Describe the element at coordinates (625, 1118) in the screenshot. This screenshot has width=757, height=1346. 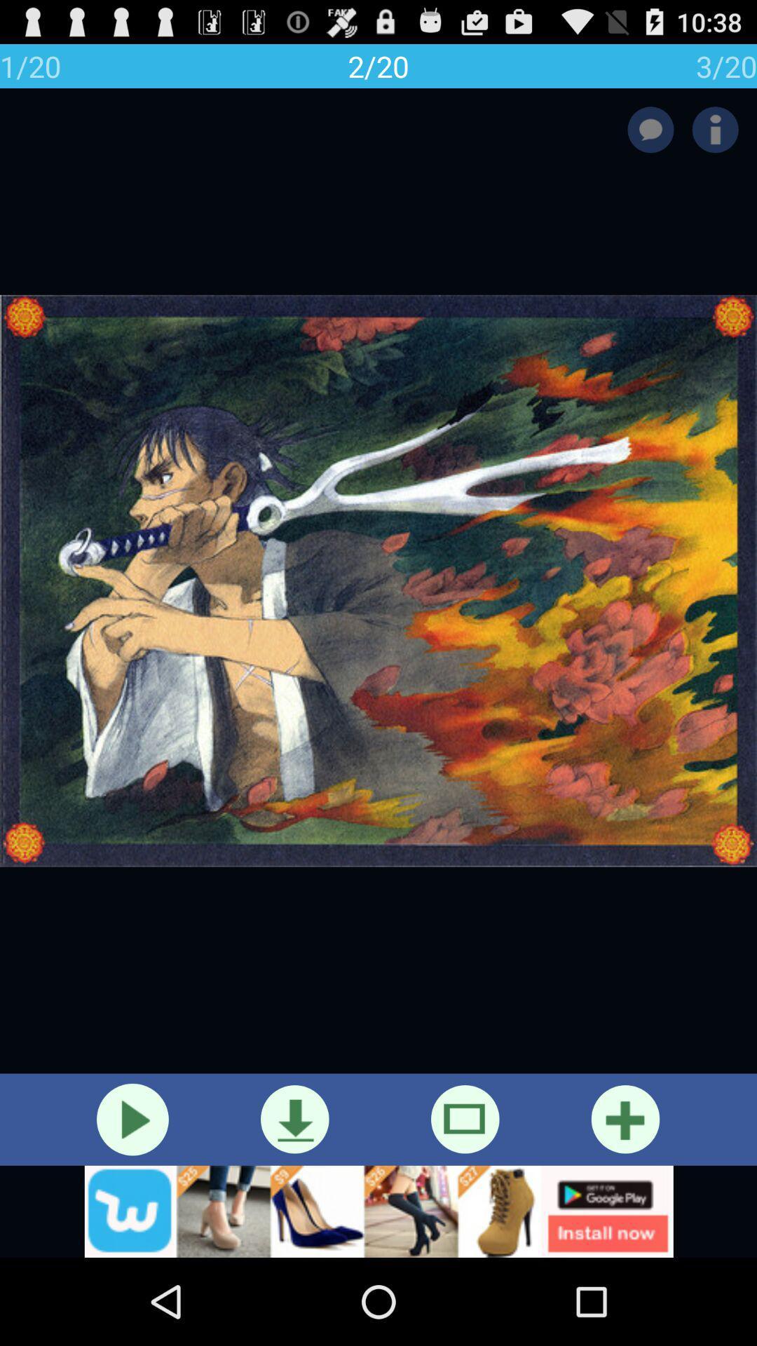
I see `button` at that location.